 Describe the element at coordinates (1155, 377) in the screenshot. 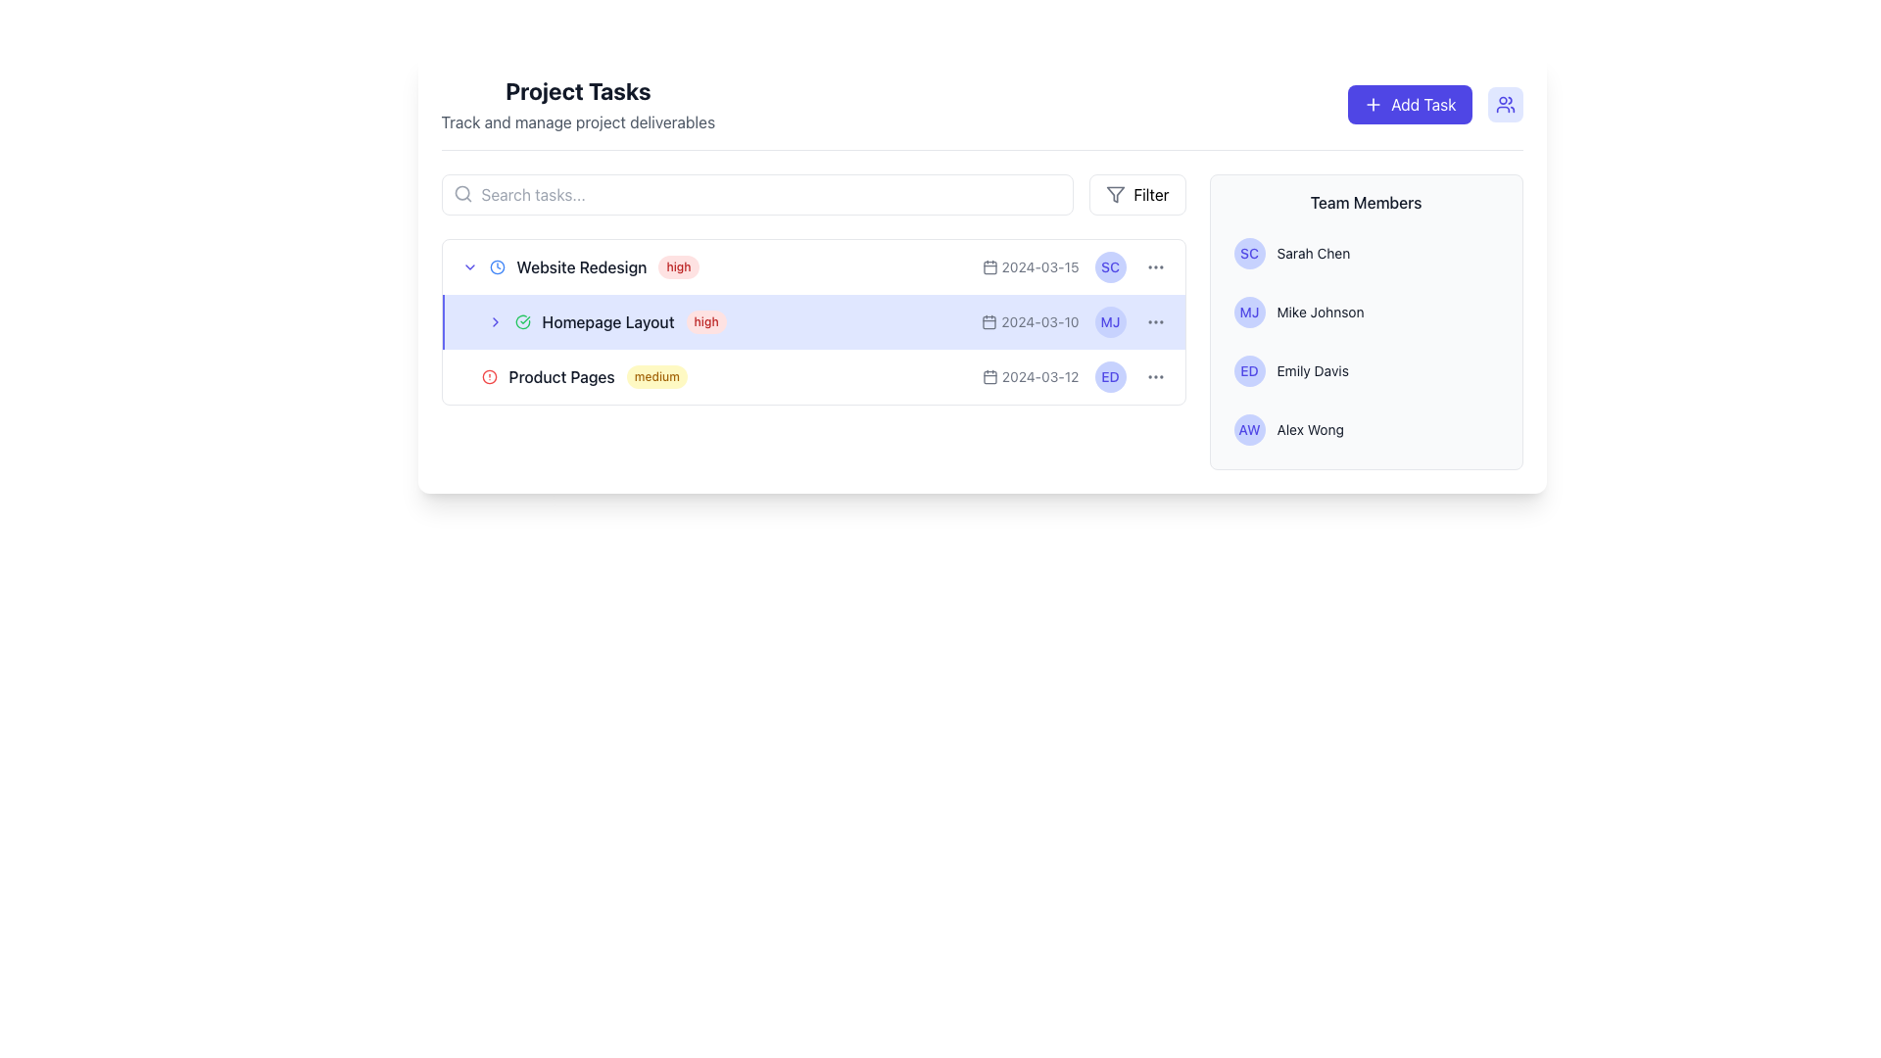

I see `the ellipsis button located at the bottom-right corner of the 'Product Pages' task under the 'Team Members' column` at that location.